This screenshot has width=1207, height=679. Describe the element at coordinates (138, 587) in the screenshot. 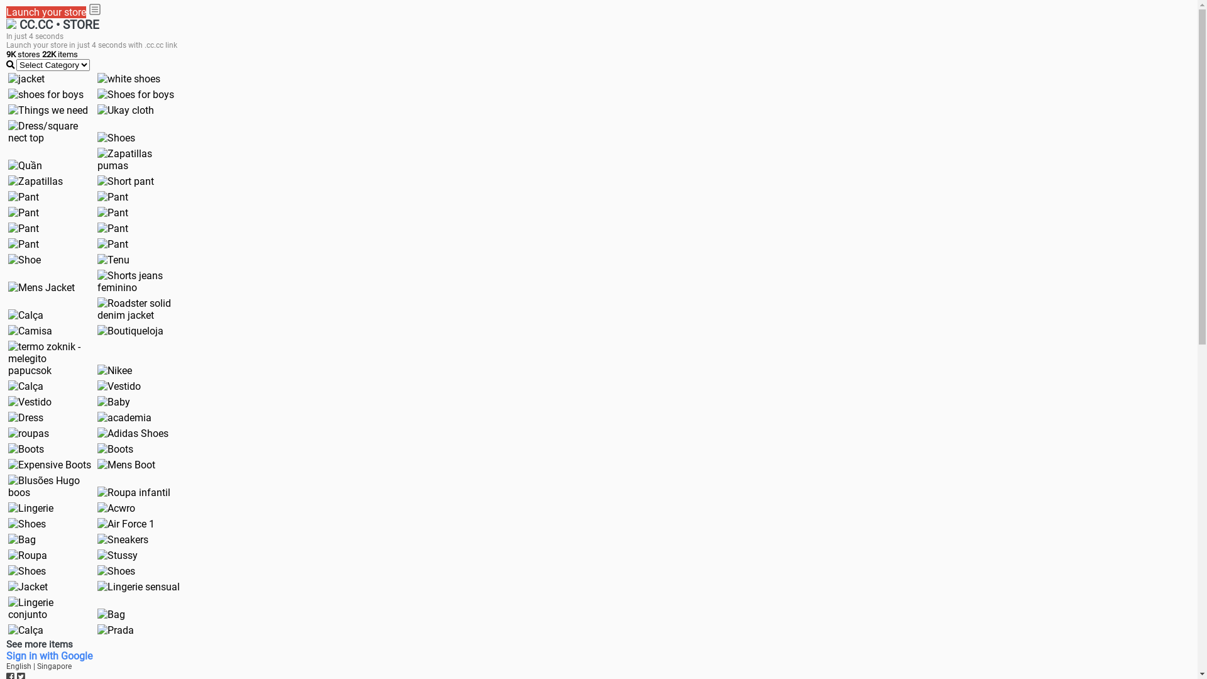

I see `'Lingerie sensual'` at that location.